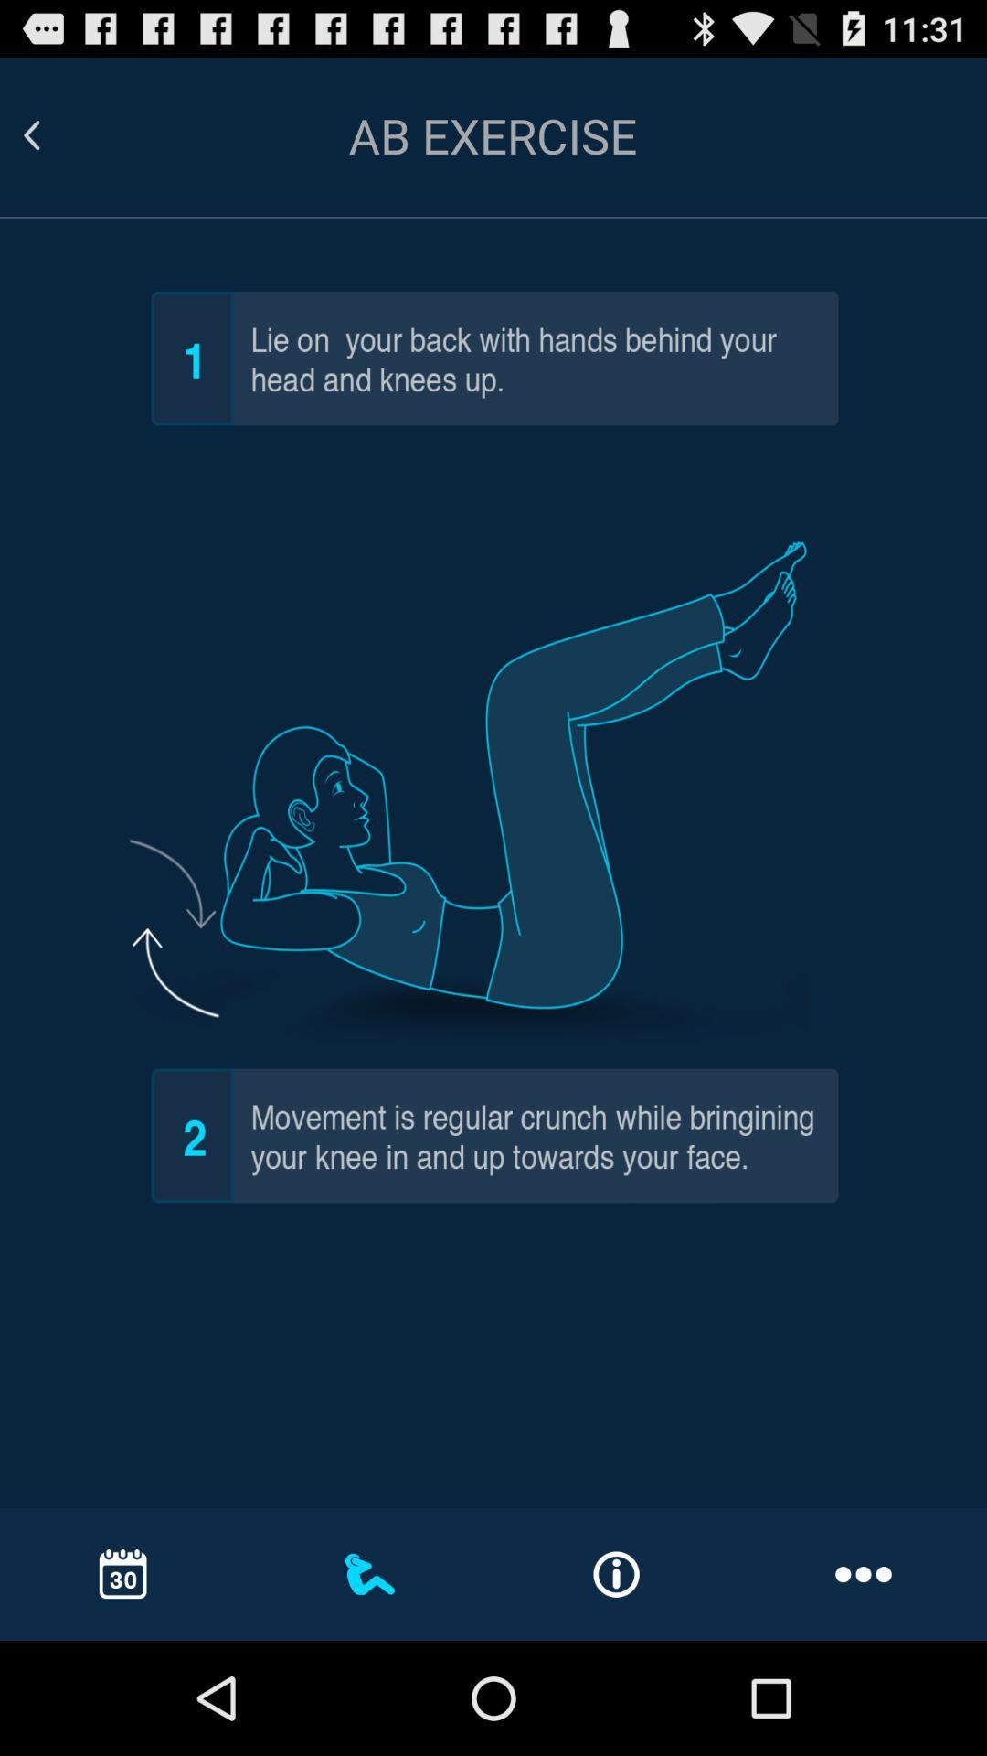  I want to click on the arrow_backward icon, so click(53, 144).